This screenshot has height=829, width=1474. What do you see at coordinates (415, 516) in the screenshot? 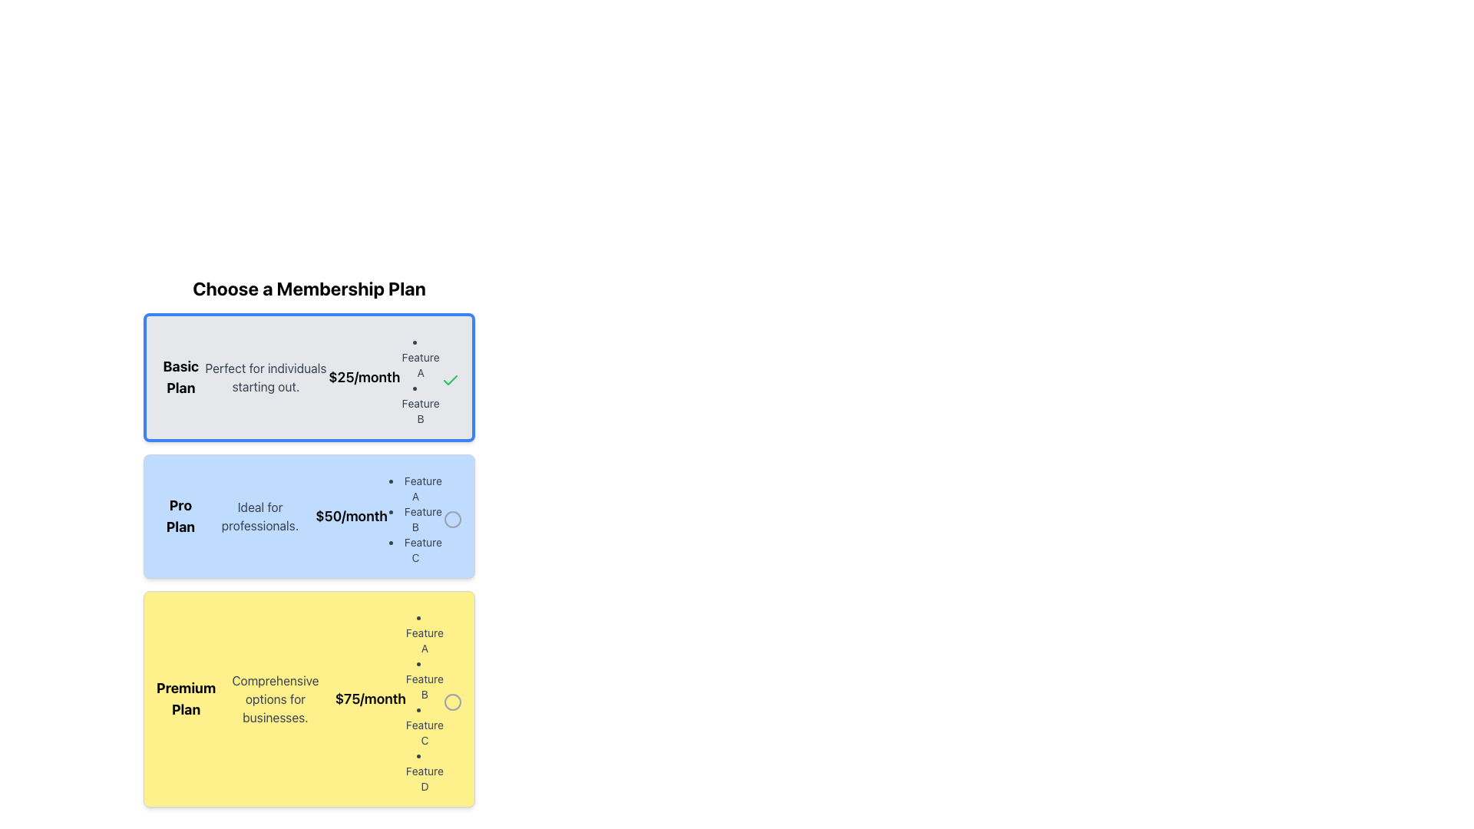
I see `the list of features titled 'Feature A', 'Feature B', and 'Feature C' located in the bottom-right section of the 'Pro Plan' card` at bounding box center [415, 516].